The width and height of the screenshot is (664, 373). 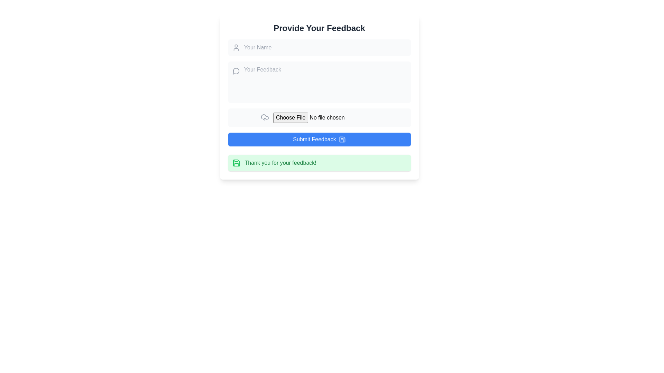 What do you see at coordinates (319, 28) in the screenshot?
I see `the Text Header that displays 'Provide Your Feedback', which is styled in bold and large font at the top of the feedback form` at bounding box center [319, 28].